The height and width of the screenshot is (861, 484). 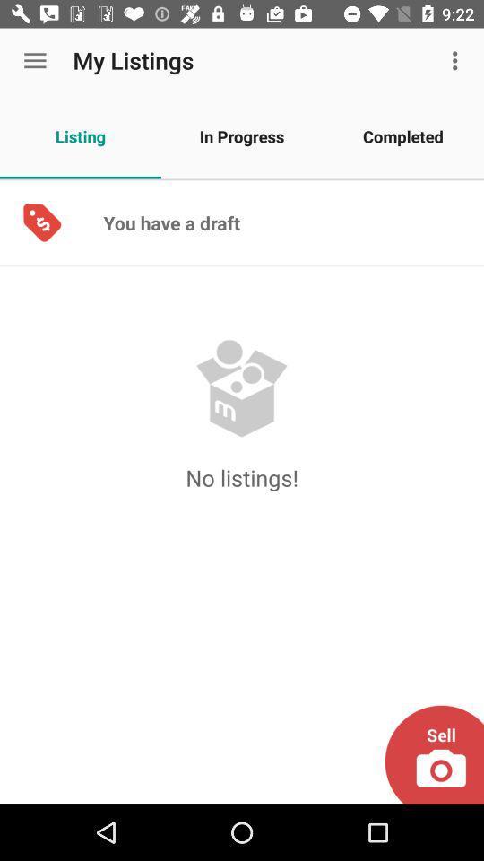 What do you see at coordinates (242, 388) in the screenshot?
I see `the icon above the text no listings` at bounding box center [242, 388].